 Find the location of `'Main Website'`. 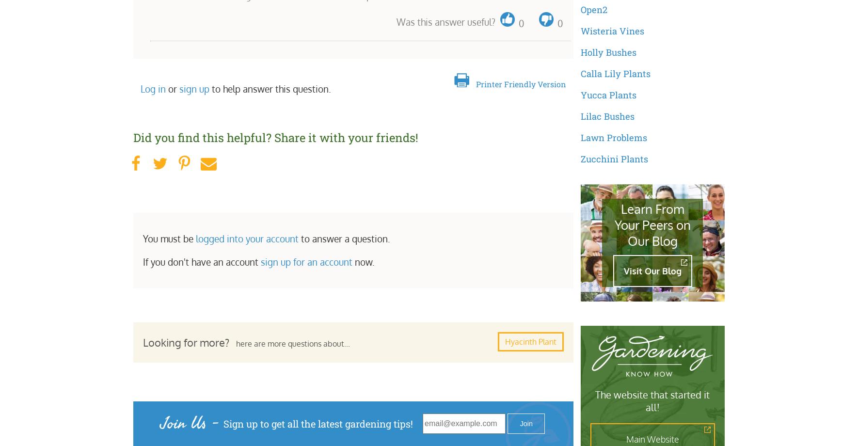

'Main Website' is located at coordinates (652, 439).